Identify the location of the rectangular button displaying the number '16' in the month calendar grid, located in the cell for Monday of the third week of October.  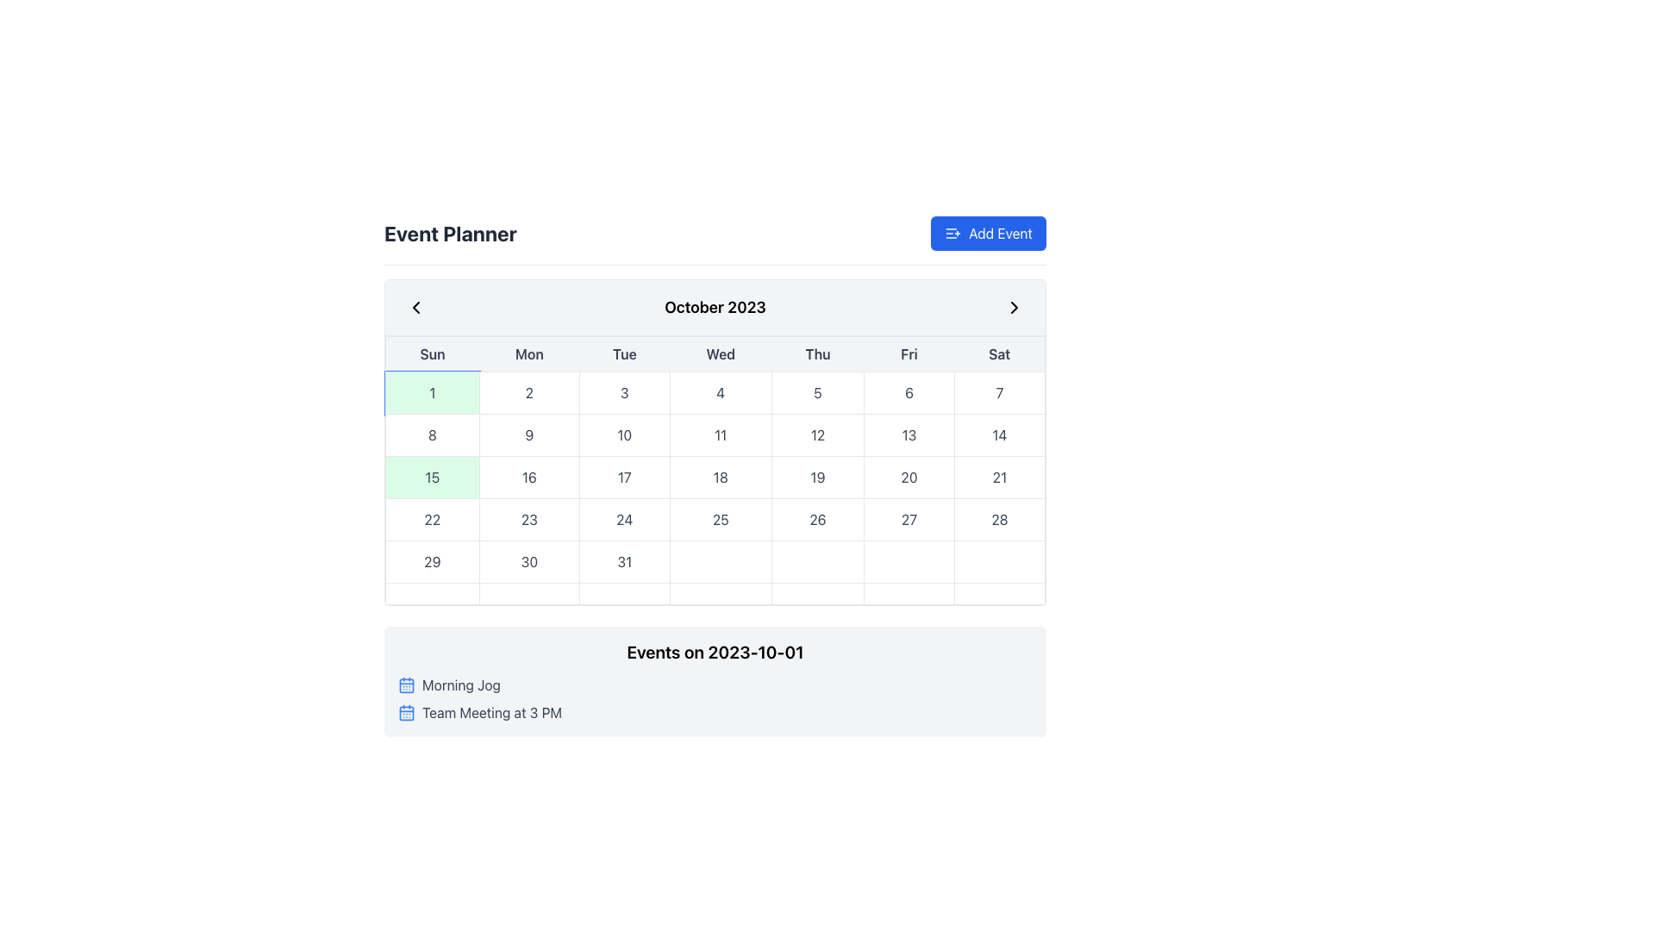
(528, 478).